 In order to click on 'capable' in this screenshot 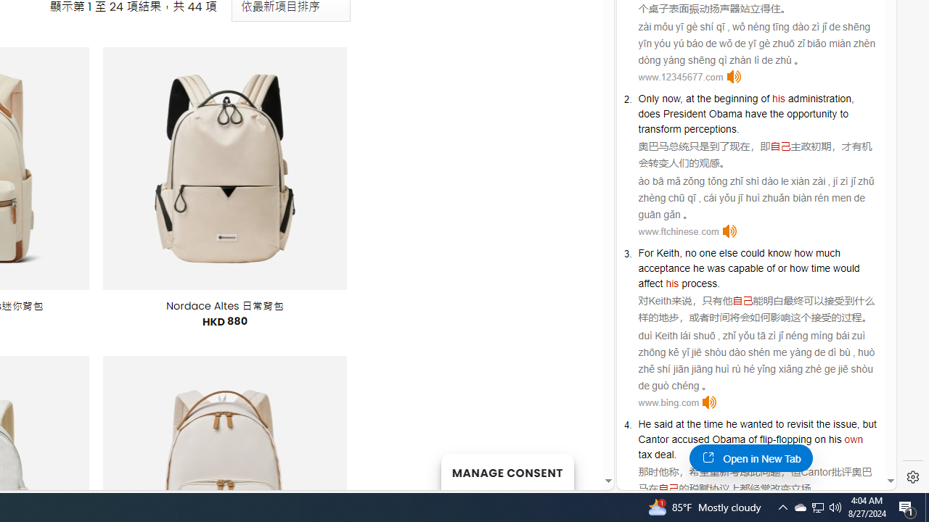, I will do `click(746, 268)`.